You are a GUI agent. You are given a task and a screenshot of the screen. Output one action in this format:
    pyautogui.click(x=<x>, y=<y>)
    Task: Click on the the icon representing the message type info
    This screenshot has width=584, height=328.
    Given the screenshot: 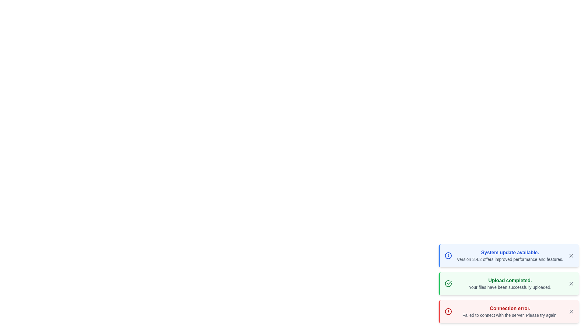 What is the action you would take?
    pyautogui.click(x=448, y=255)
    